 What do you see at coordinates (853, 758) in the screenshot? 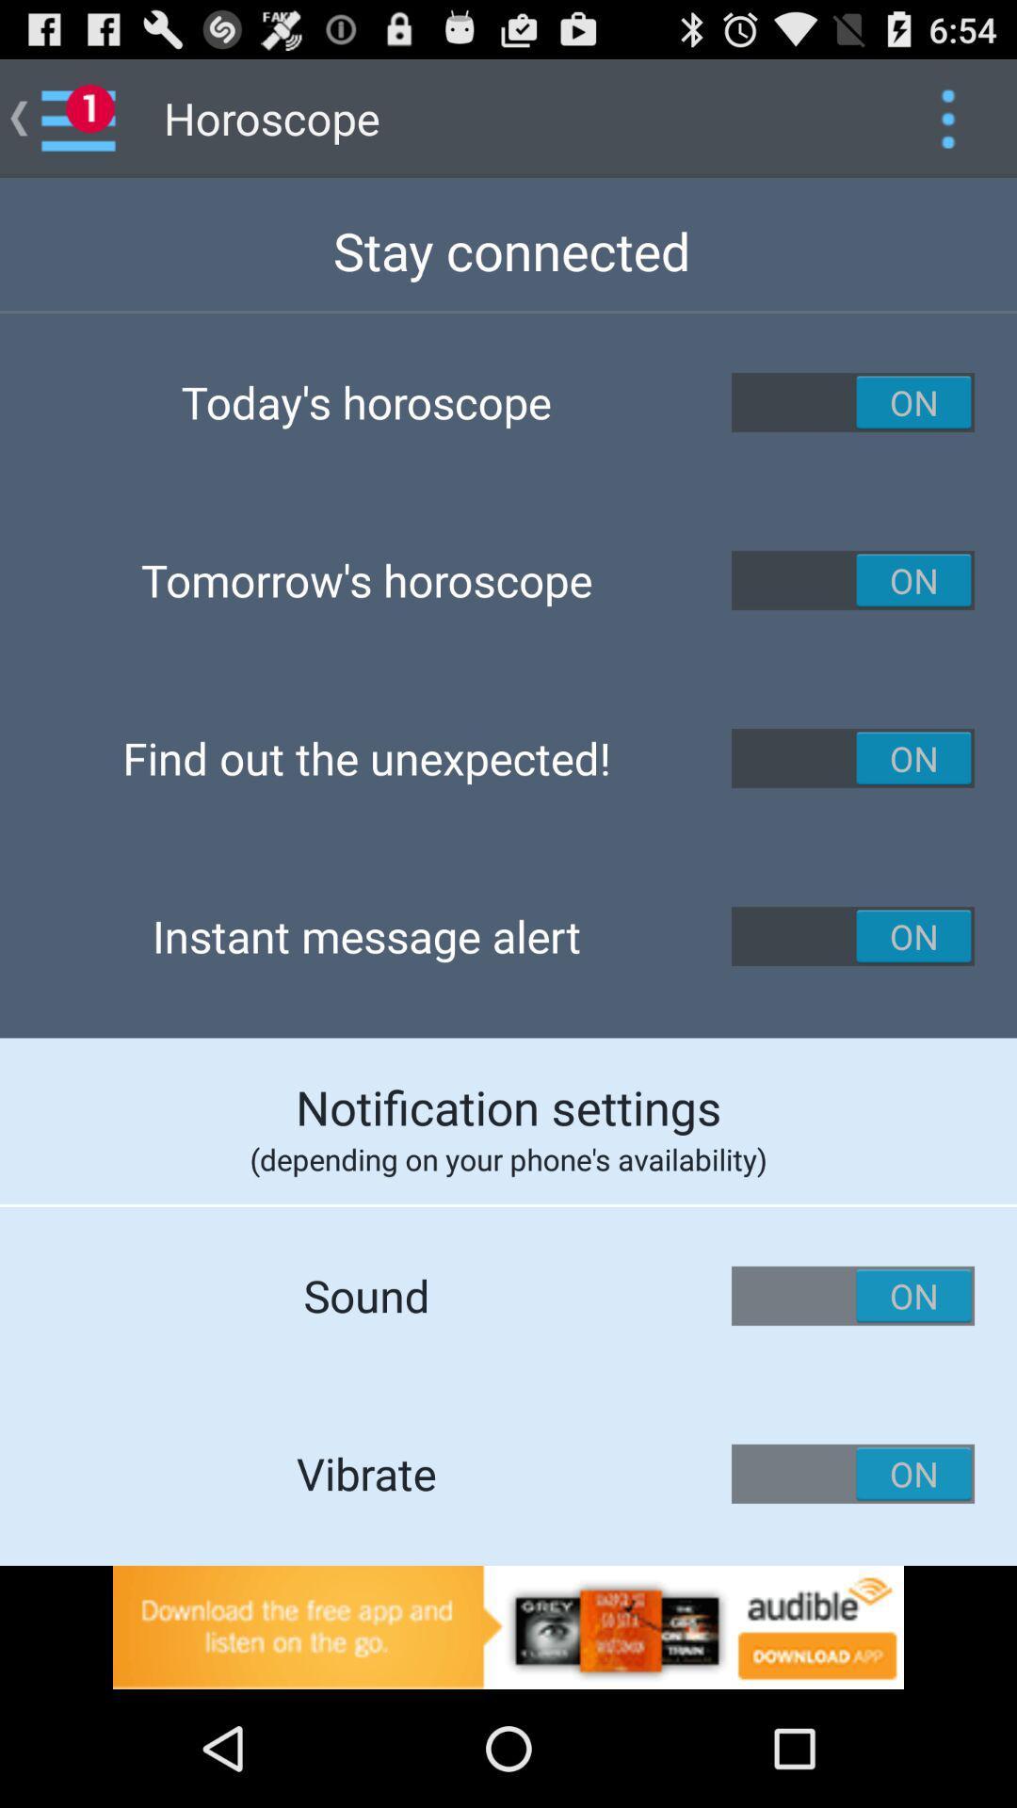
I see `activate the option find out the unexpected` at bounding box center [853, 758].